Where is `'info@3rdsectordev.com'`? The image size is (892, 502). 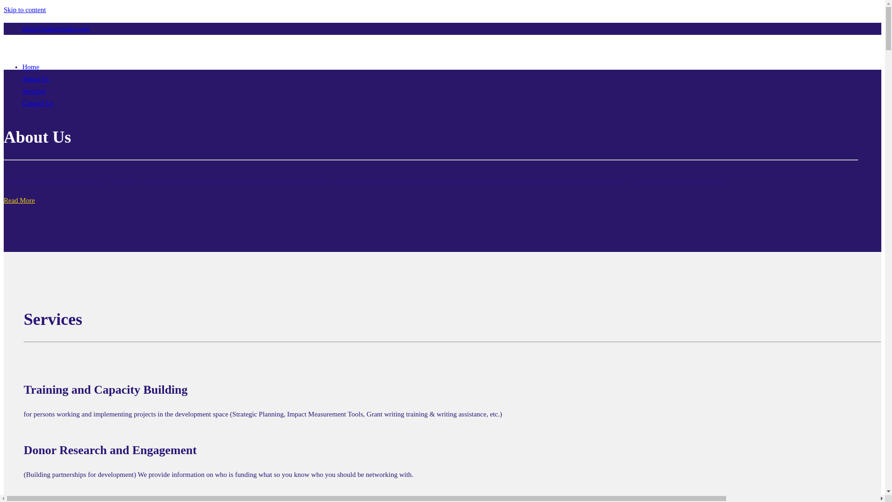
'info@3rdsectordev.com' is located at coordinates (55, 28).